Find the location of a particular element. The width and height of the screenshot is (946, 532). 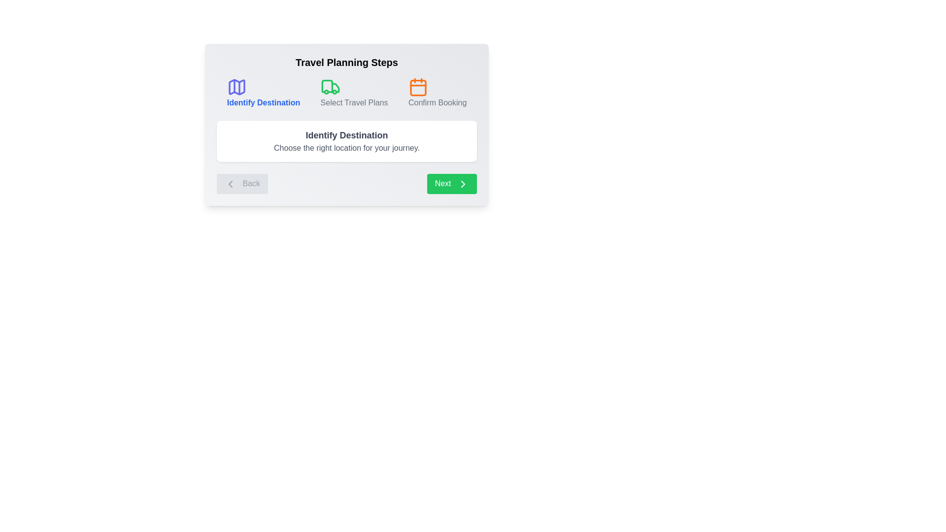

the left-pointing chevron icon within the 'Back' button located at the bottom-left corner of the interface is located at coordinates (230, 184).